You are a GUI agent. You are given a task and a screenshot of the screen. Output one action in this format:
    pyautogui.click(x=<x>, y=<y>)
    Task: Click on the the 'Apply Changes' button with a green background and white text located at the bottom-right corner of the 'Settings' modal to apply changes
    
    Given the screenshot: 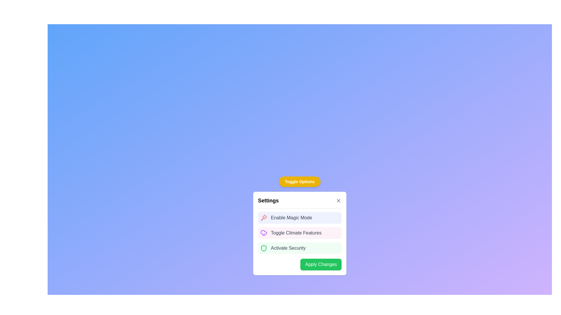 What is the action you would take?
    pyautogui.click(x=300, y=264)
    